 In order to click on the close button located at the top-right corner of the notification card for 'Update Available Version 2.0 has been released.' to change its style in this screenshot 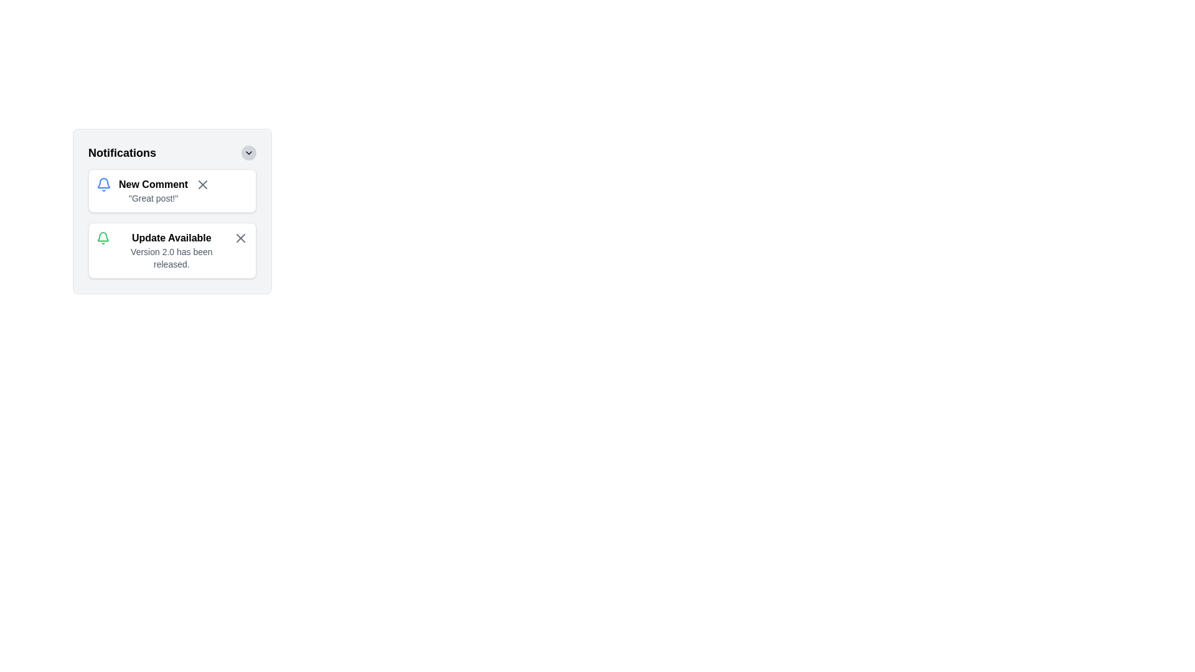, I will do `click(241, 238)`.